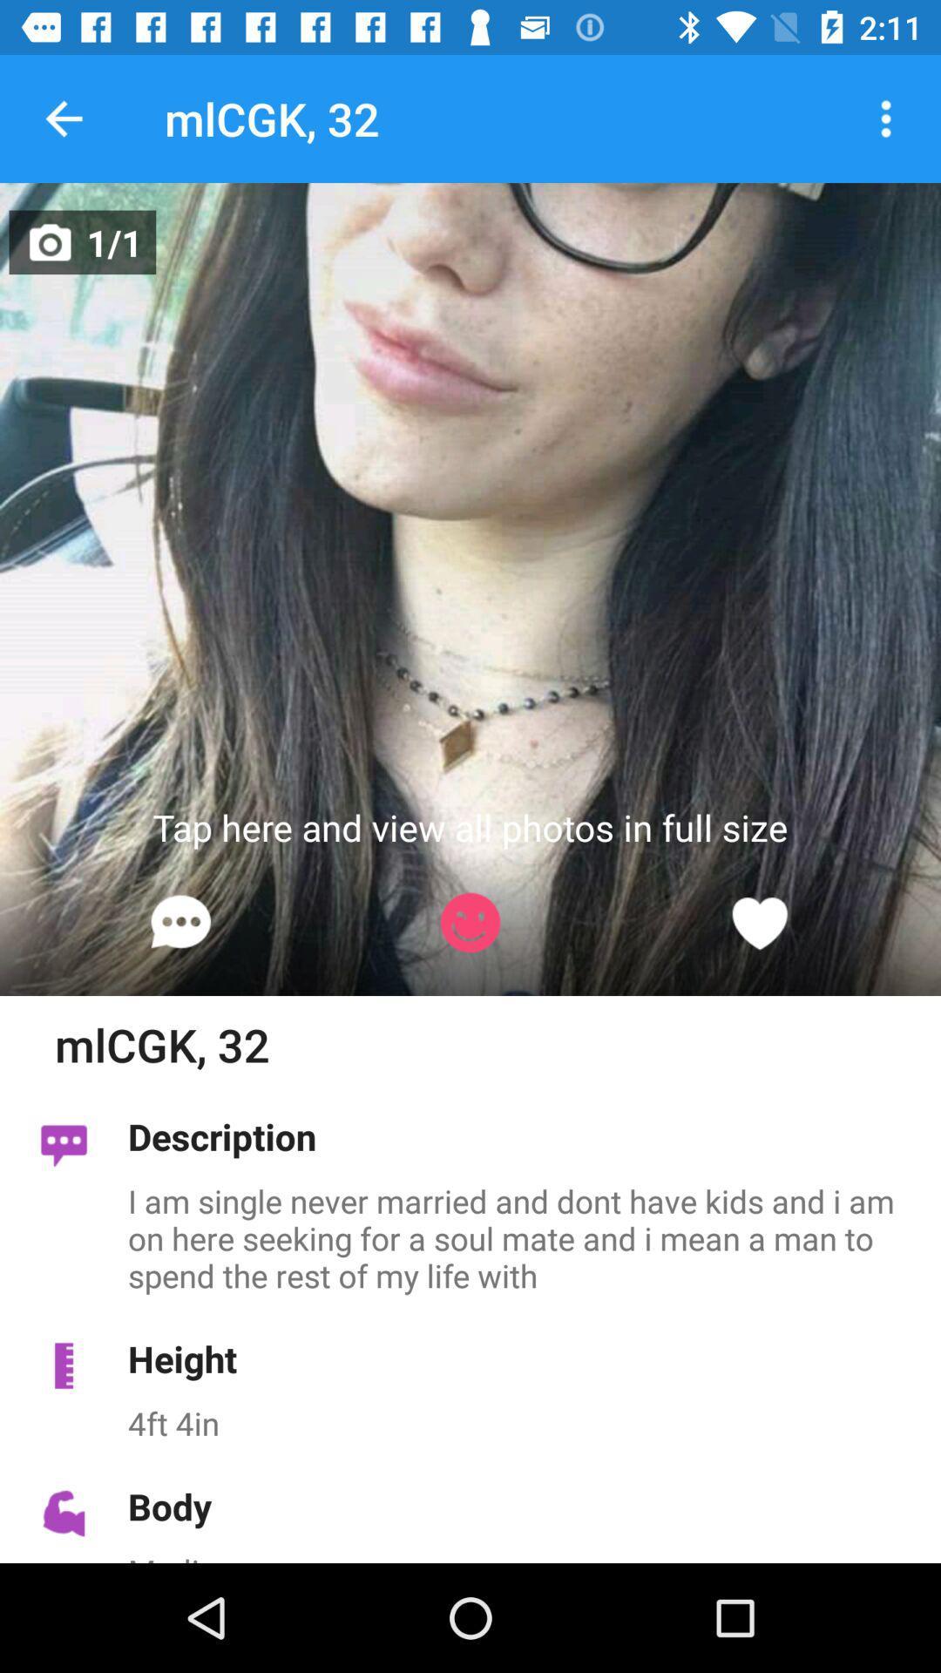 The height and width of the screenshot is (1673, 941). What do you see at coordinates (524, 1556) in the screenshot?
I see `the icon below body icon` at bounding box center [524, 1556].